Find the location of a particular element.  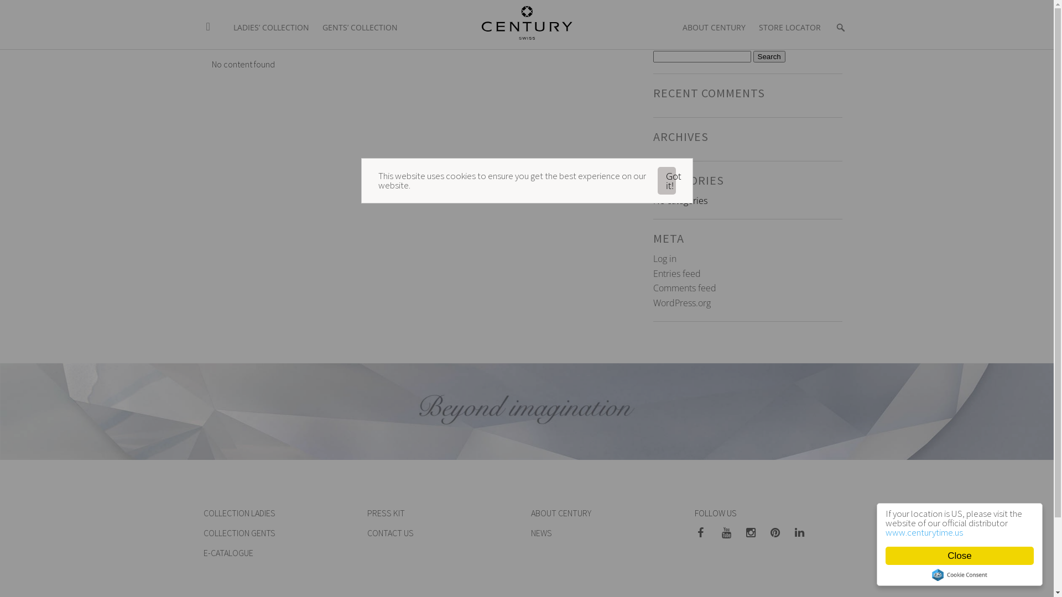

'CONTACT US' is located at coordinates (390, 532).